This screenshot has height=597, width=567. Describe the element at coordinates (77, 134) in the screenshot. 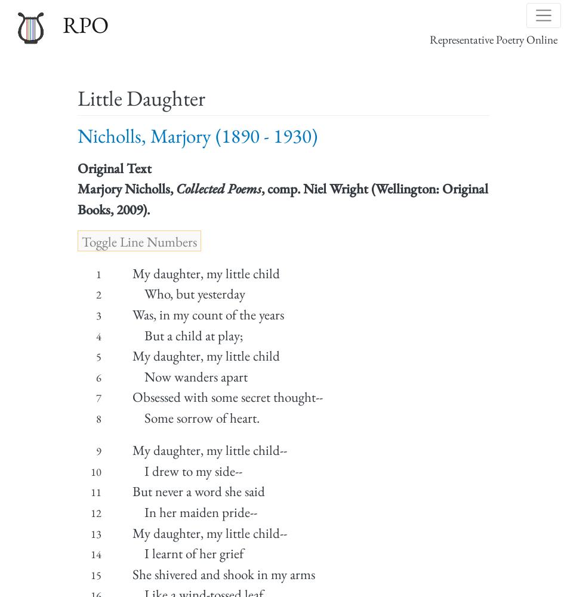

I see `'Nicholls, Marjory (1890 - 1930)'` at that location.